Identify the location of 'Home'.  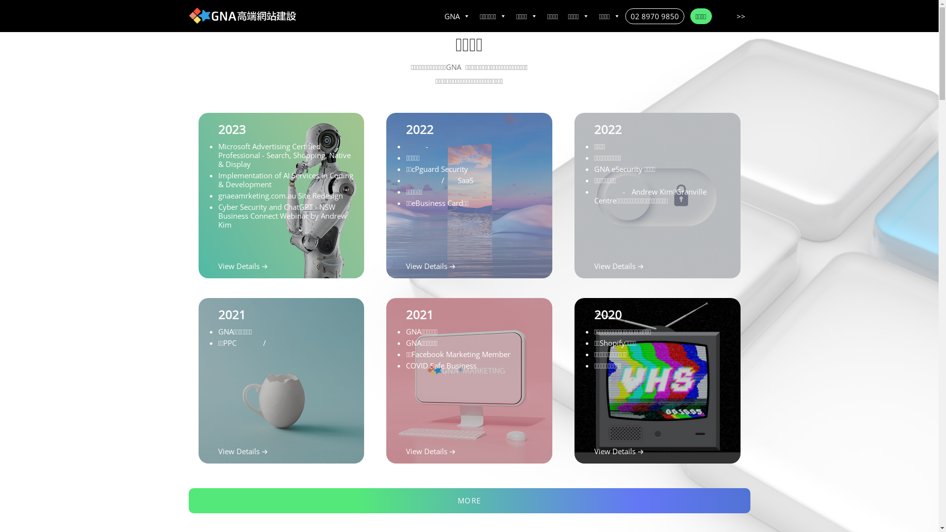
(242, 16).